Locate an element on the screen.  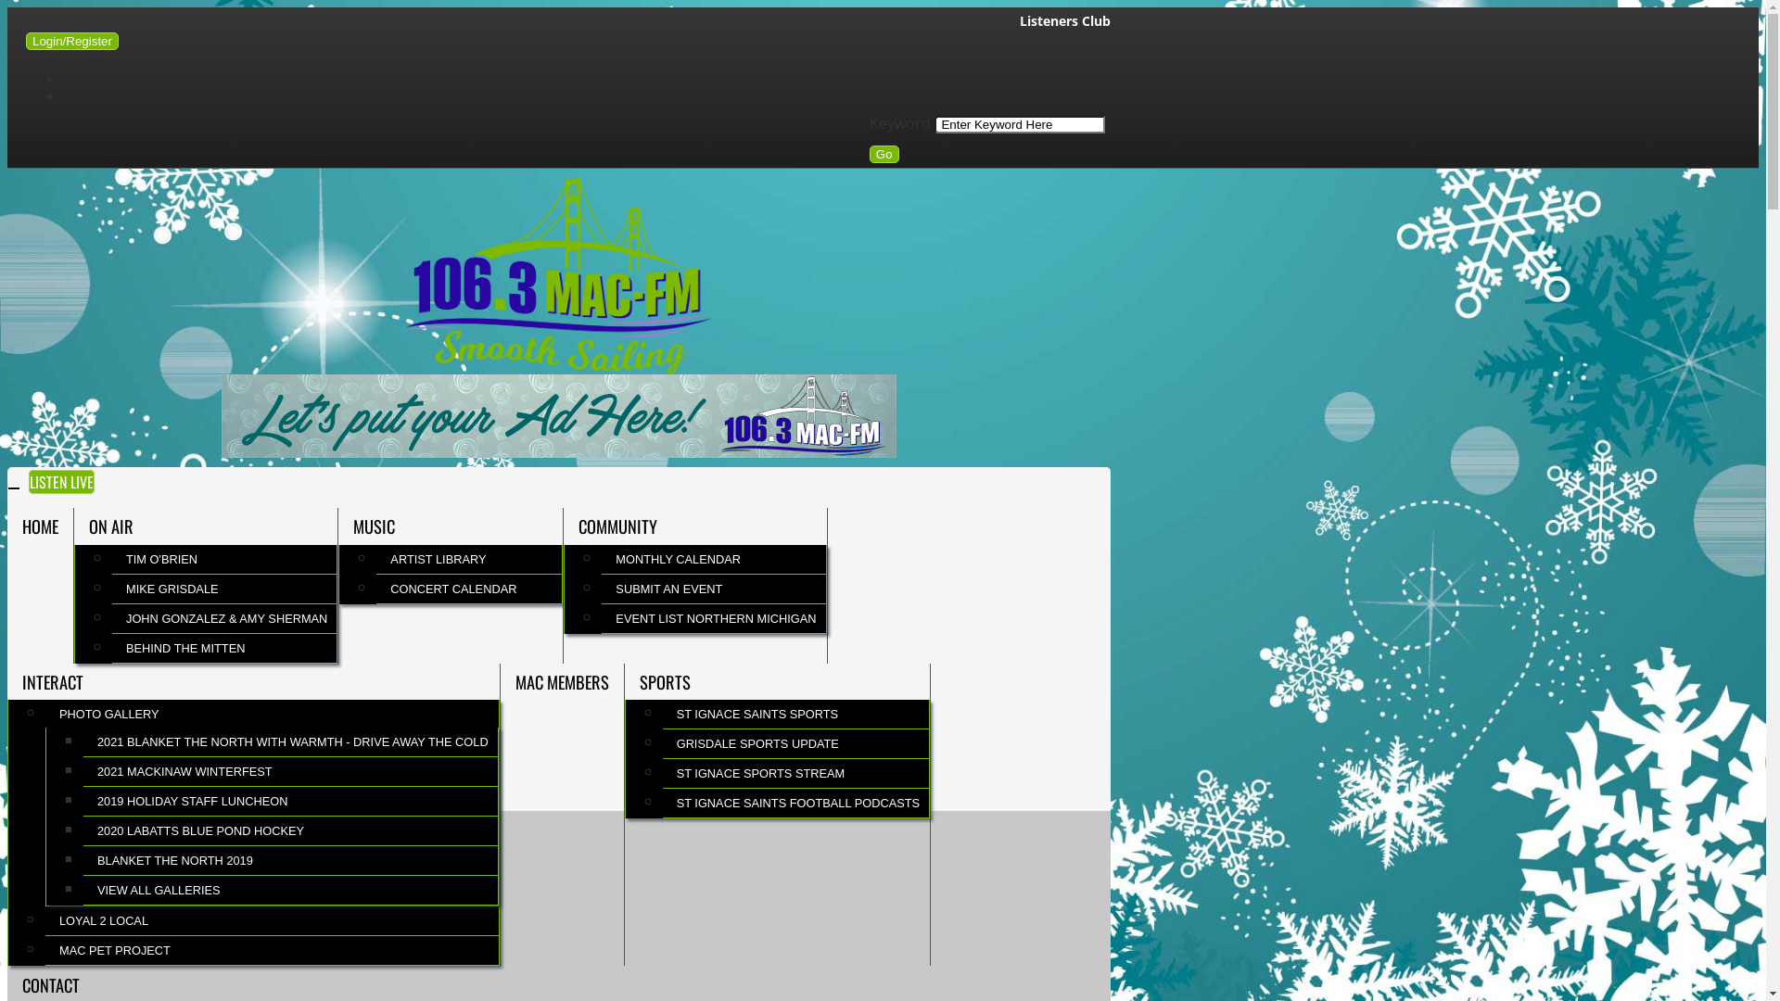
'MIKE GRISDALE' is located at coordinates (222, 589).